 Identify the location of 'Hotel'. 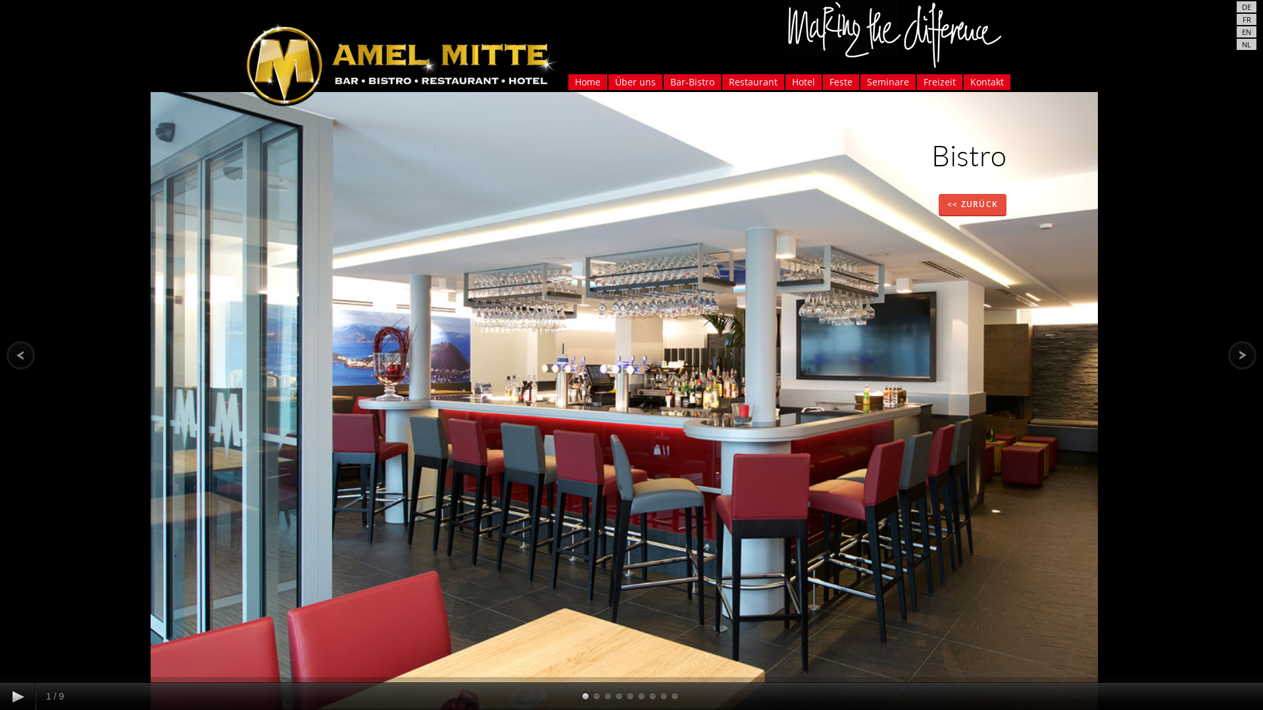
(803, 82).